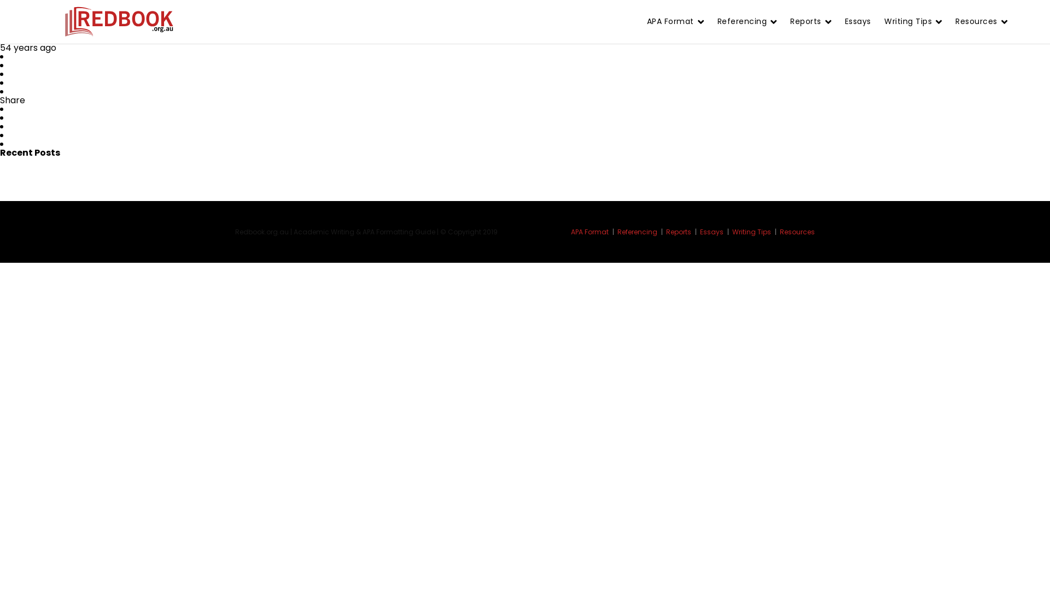 The height and width of the screenshot is (590, 1050). I want to click on 'Referencing', so click(617, 231).